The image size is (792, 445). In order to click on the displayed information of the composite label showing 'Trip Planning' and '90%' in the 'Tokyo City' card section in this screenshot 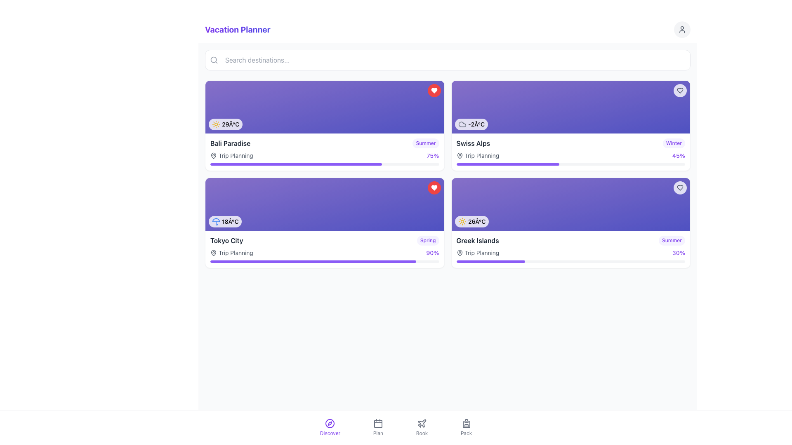, I will do `click(324, 252)`.